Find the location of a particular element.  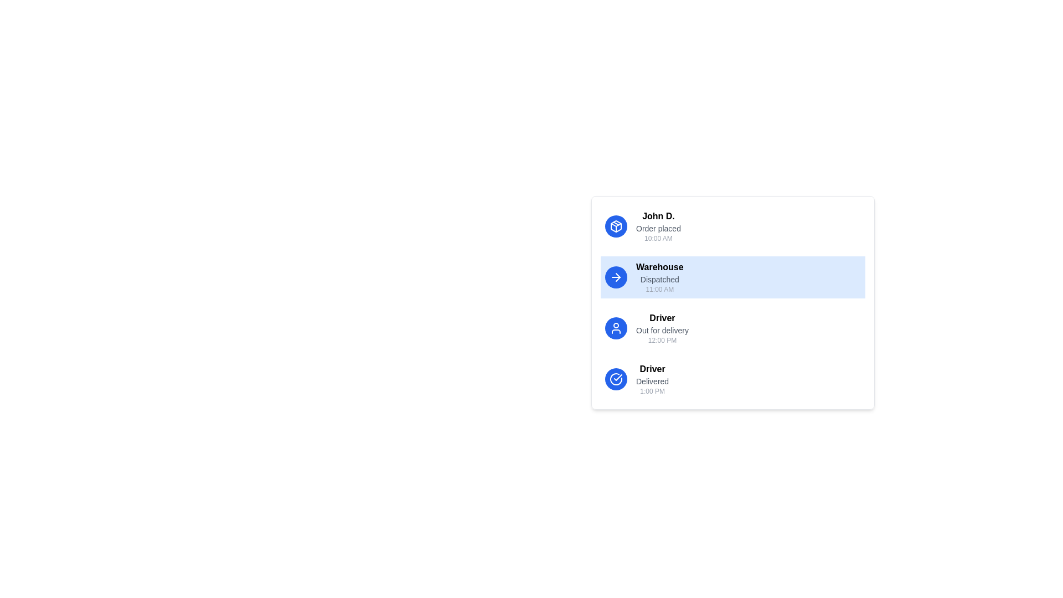

the status indicator text label which is positioned below the bold 'Driver' text and above the time label '1:00 PM' in the fourth item of a vertically structured timeline is located at coordinates (652, 381).